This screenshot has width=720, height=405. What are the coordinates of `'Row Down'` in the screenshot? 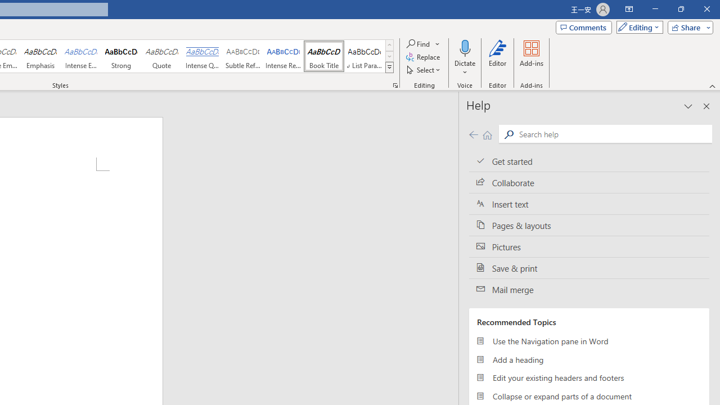 It's located at (389, 56).